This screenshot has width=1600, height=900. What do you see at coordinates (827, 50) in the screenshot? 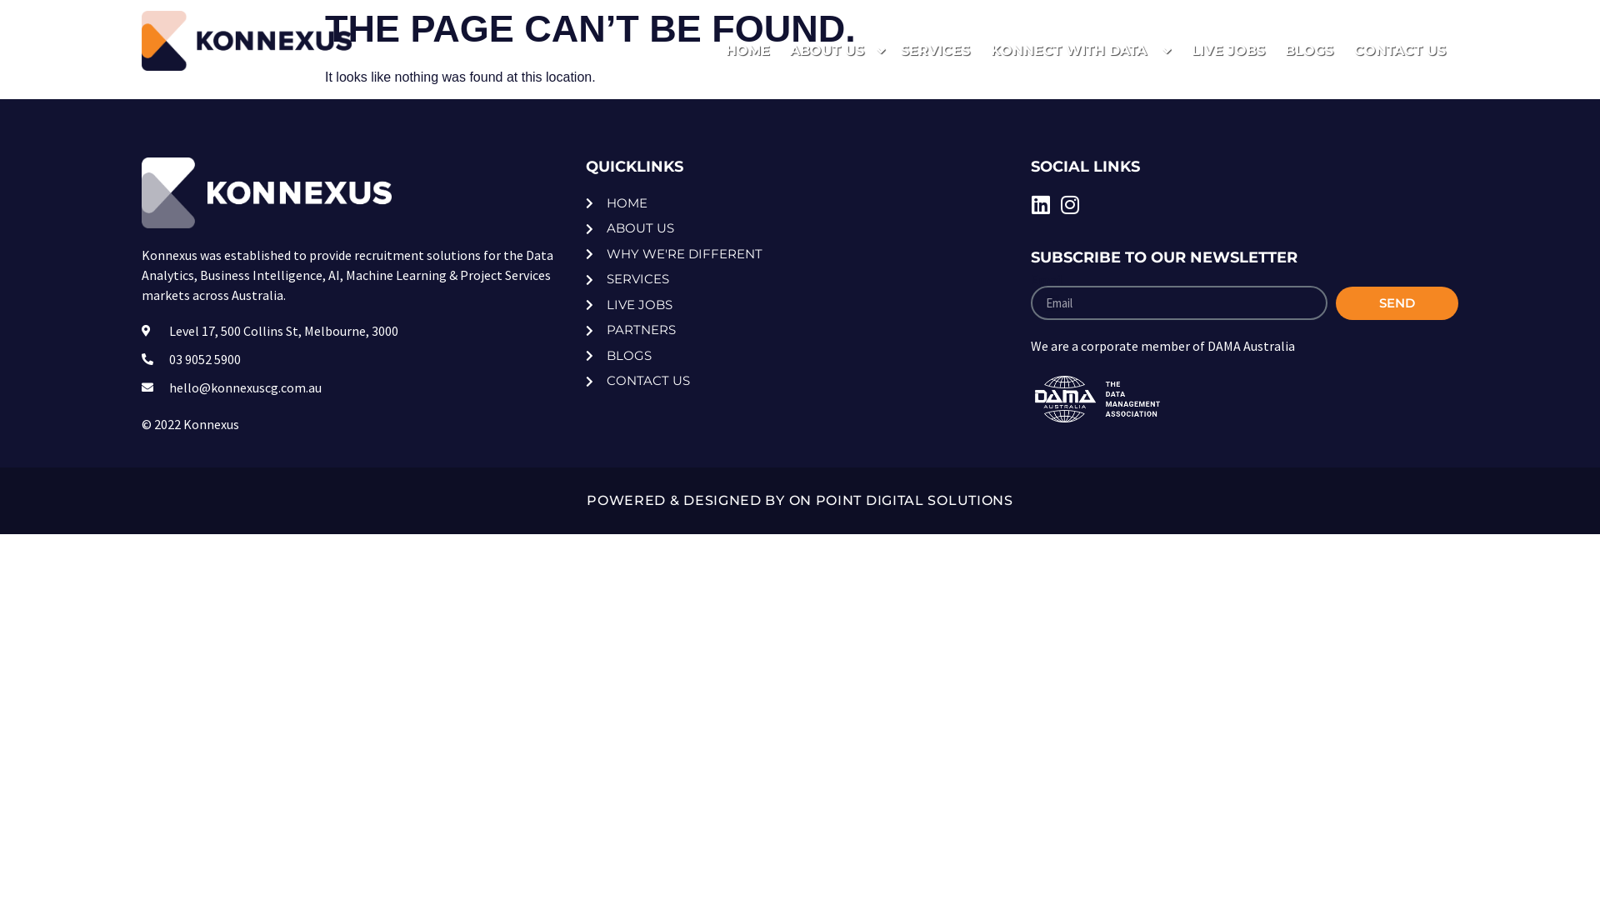
I see `'ABOUT US'` at bounding box center [827, 50].